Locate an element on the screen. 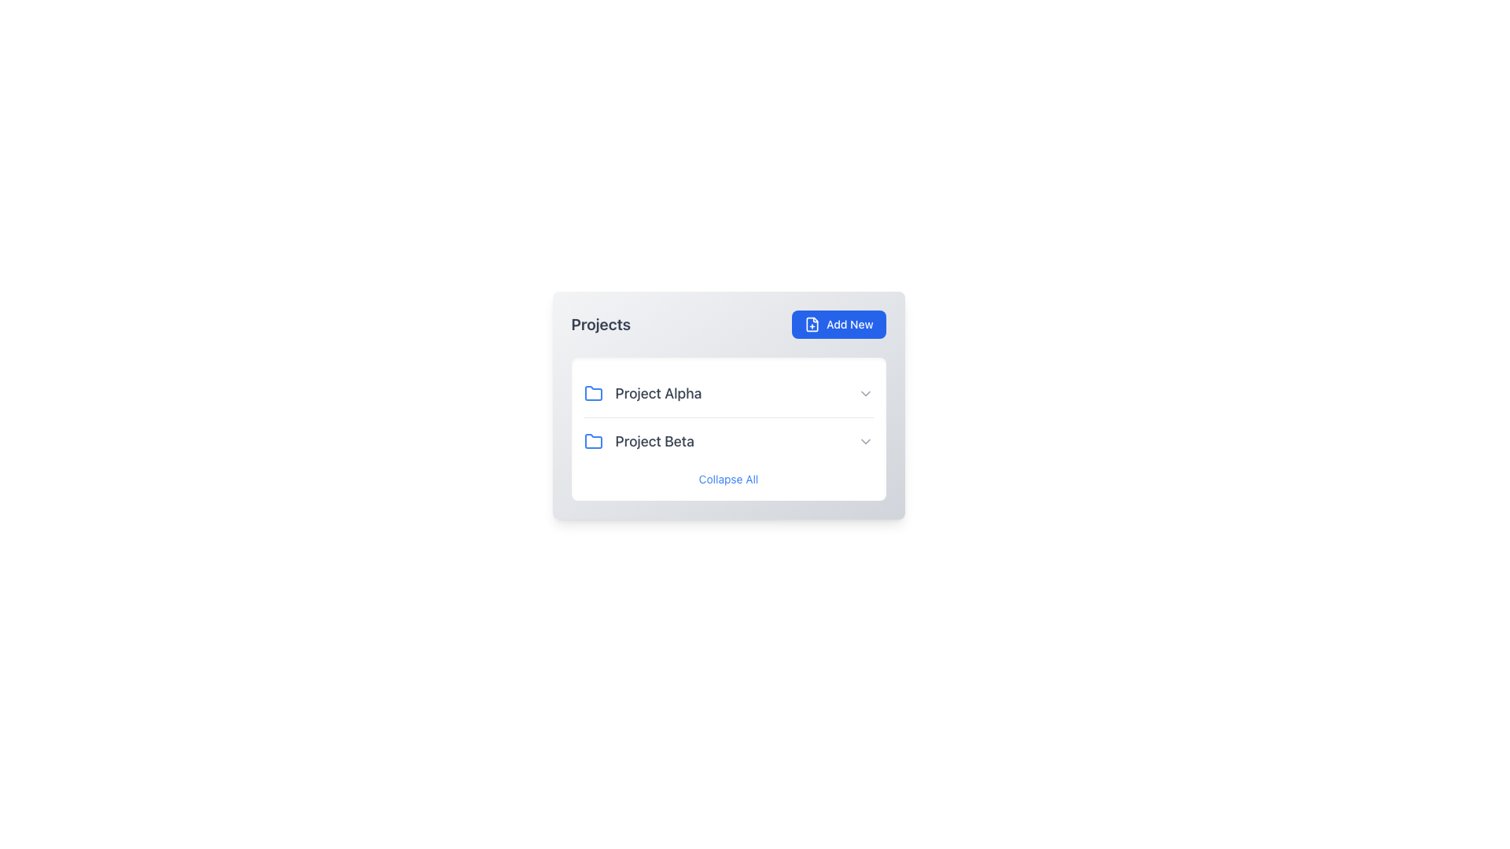 This screenshot has width=1510, height=849. the text label displaying 'Project Beta', which is styled in gray with medium font weight and larger size, located to the right of a blue folder icon is located at coordinates (654, 442).